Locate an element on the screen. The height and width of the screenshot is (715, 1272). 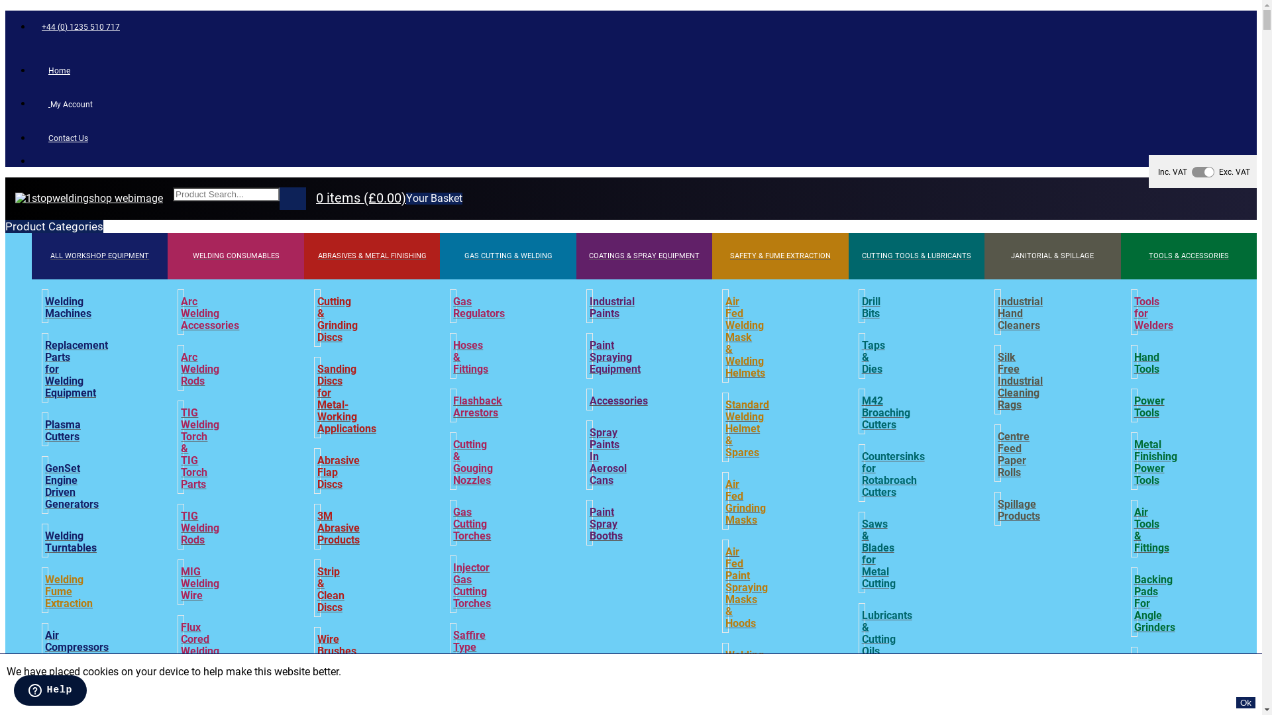
'WELDING CONSUMABLES' is located at coordinates (167, 256).